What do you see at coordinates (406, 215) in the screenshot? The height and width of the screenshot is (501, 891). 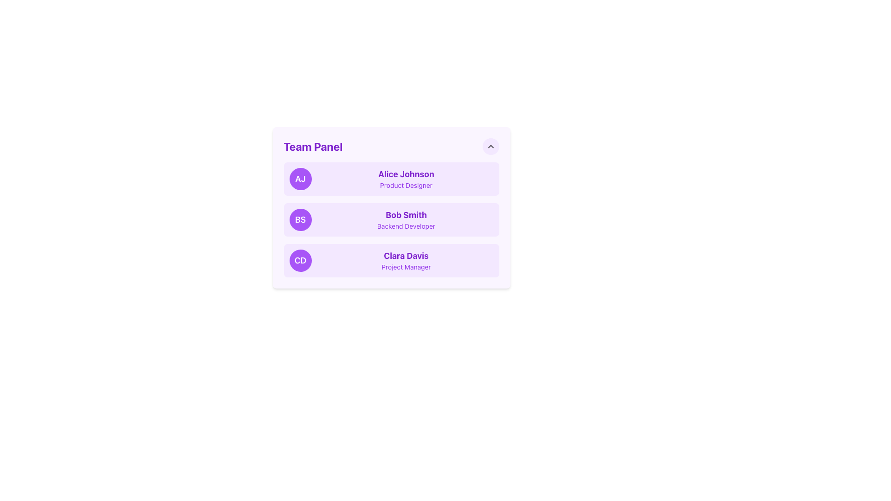 I see `the bold purple text 'Bob Smith' which is centrally located in the middle panel of the team members list, next to the purple circular indicator labeled 'BS'` at bounding box center [406, 215].